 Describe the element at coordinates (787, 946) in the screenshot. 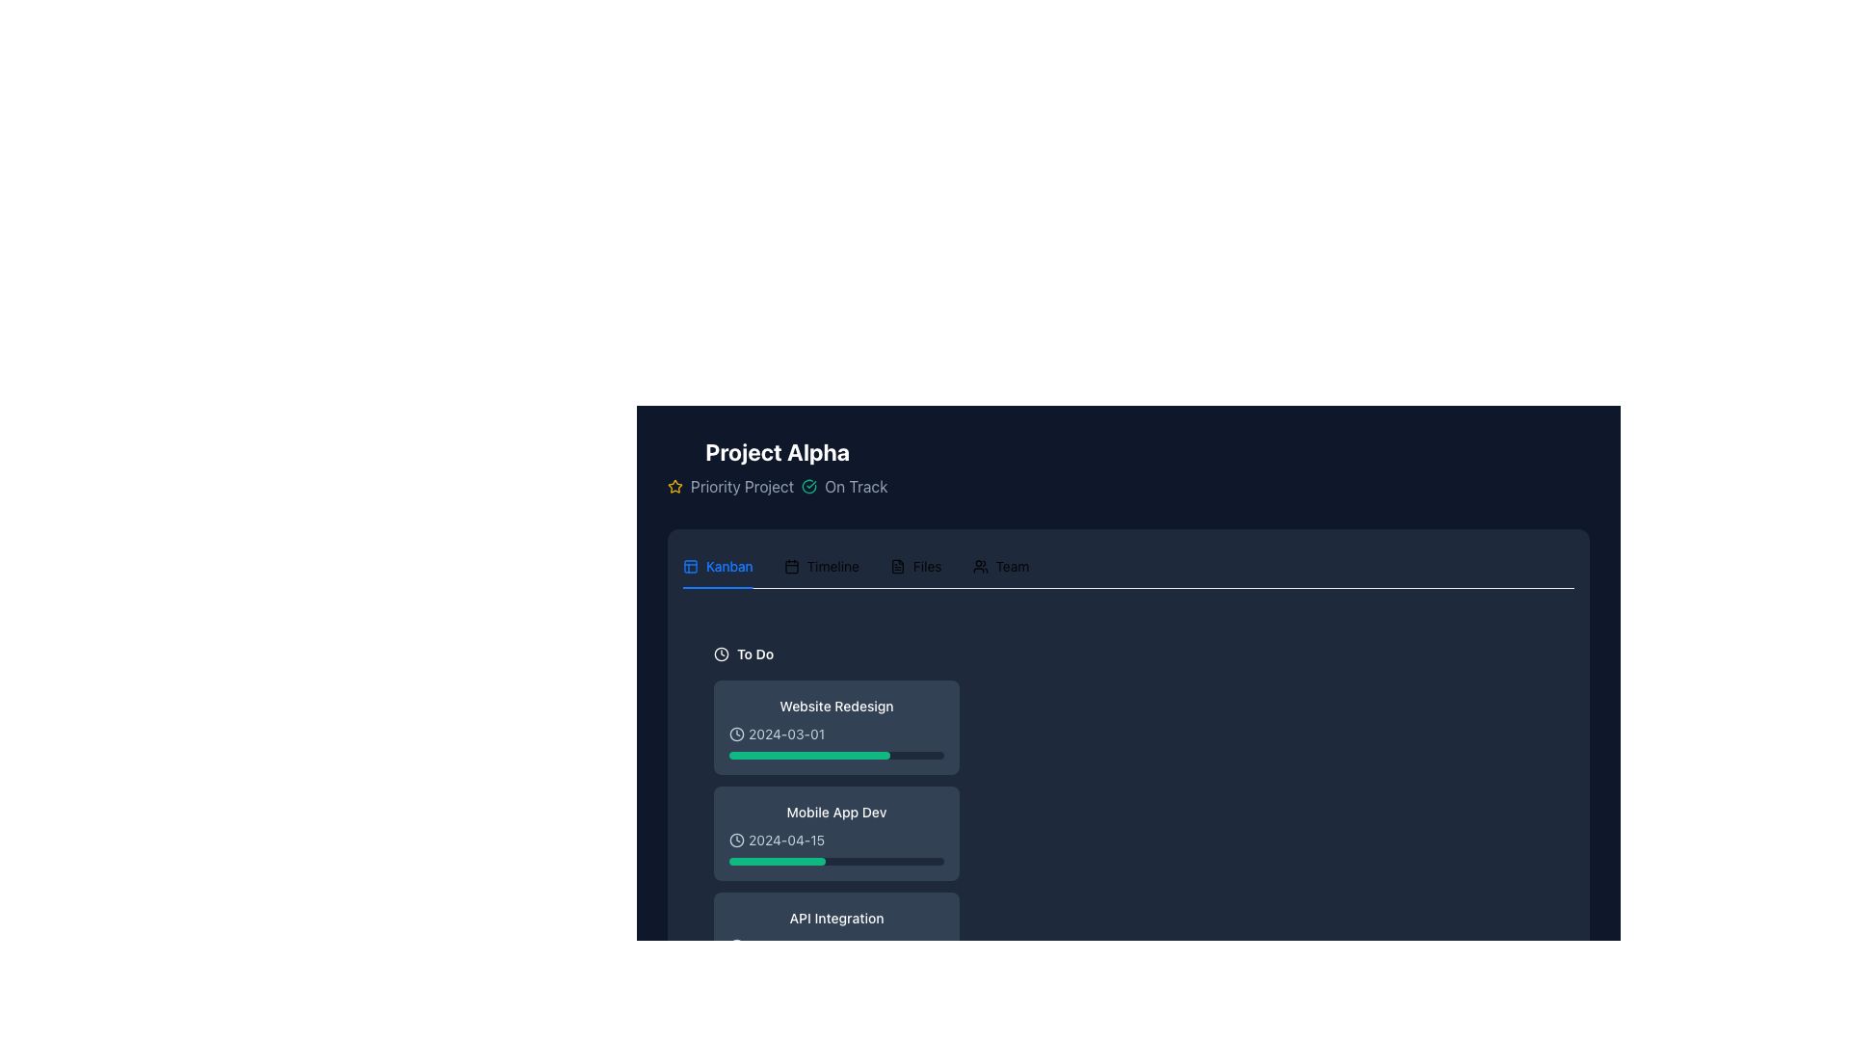

I see `the static text label displaying the date '2024-03-20', which is located under the 'API Integration' card in the 'To Do' section of the 'Kanban' view` at that location.